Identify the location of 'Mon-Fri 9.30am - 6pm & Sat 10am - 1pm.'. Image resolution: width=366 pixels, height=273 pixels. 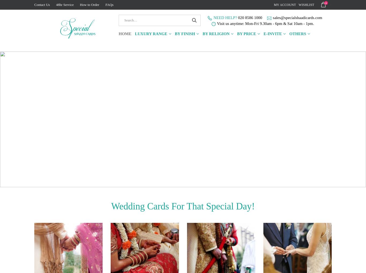
(279, 23).